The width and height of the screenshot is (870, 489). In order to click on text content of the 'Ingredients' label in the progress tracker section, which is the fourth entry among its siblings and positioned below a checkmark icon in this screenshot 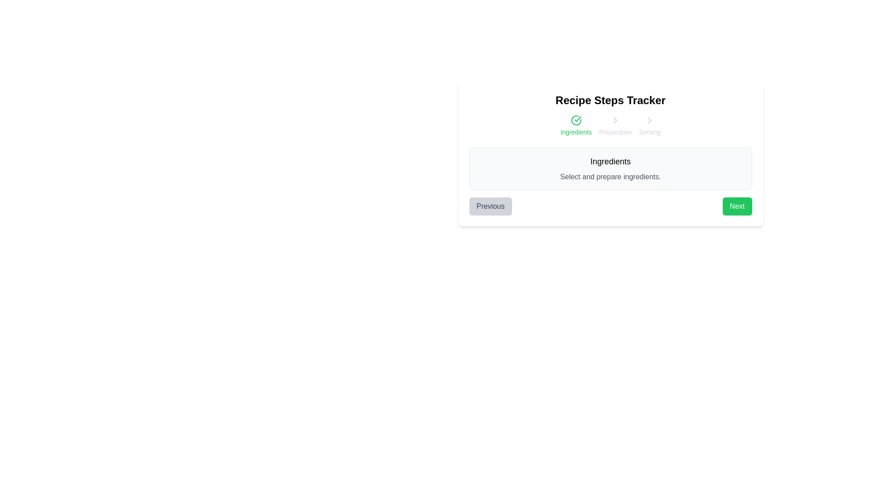, I will do `click(575, 132)`.